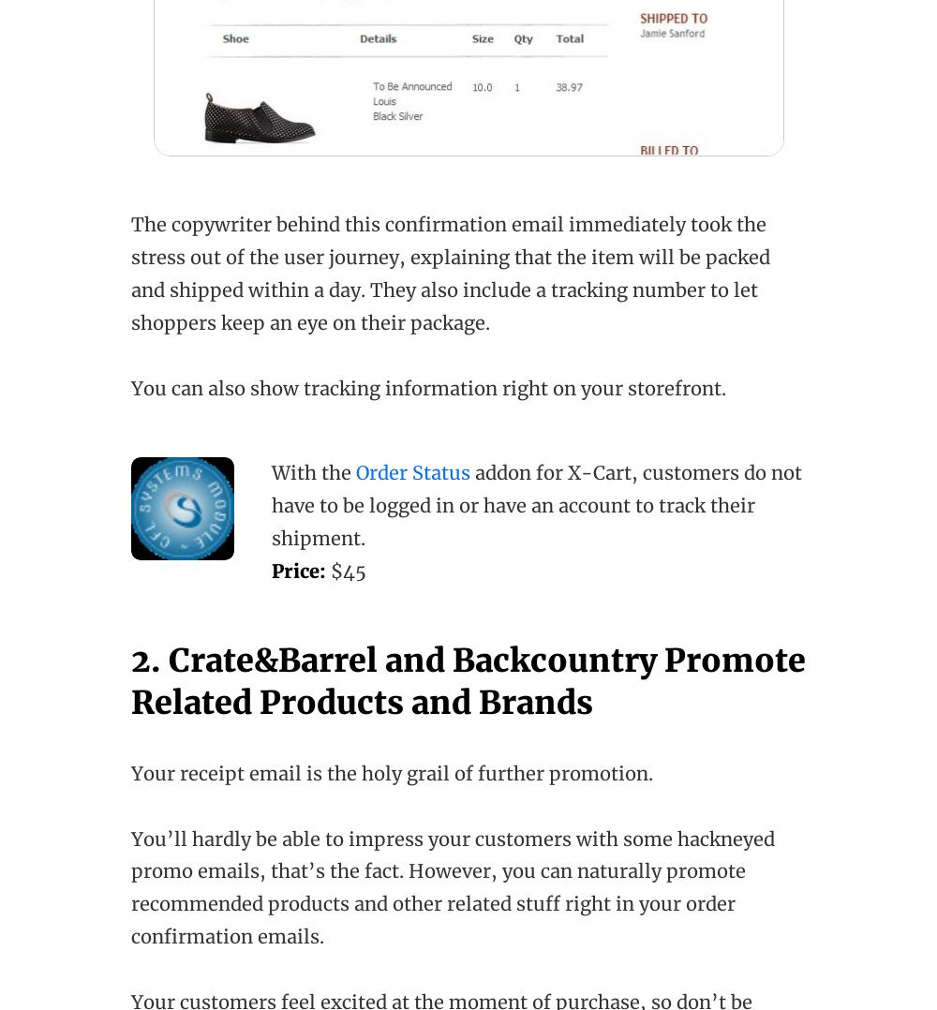 The image size is (937, 1010). I want to click on 'Order Status', so click(412, 472).